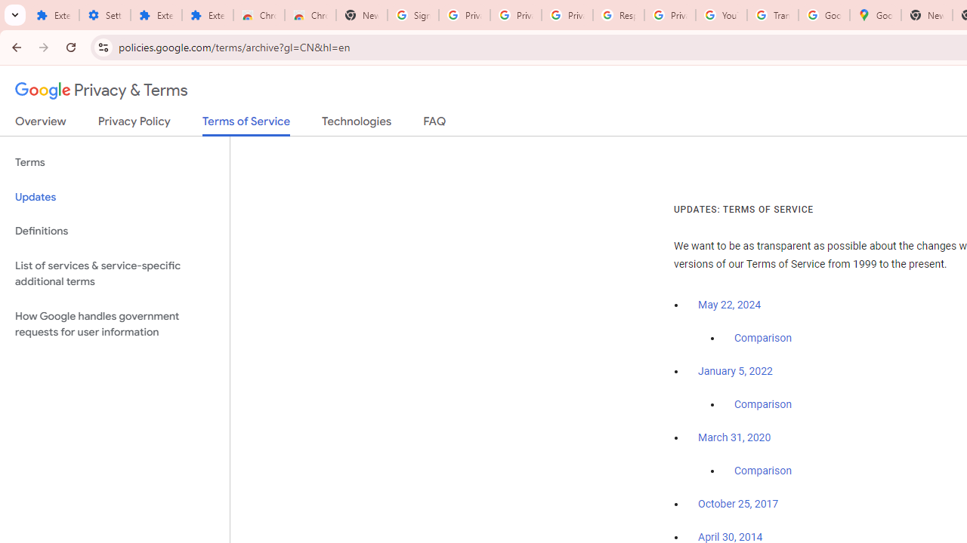 Image resolution: width=967 pixels, height=543 pixels. What do you see at coordinates (762, 471) in the screenshot?
I see `'Comparison'` at bounding box center [762, 471].